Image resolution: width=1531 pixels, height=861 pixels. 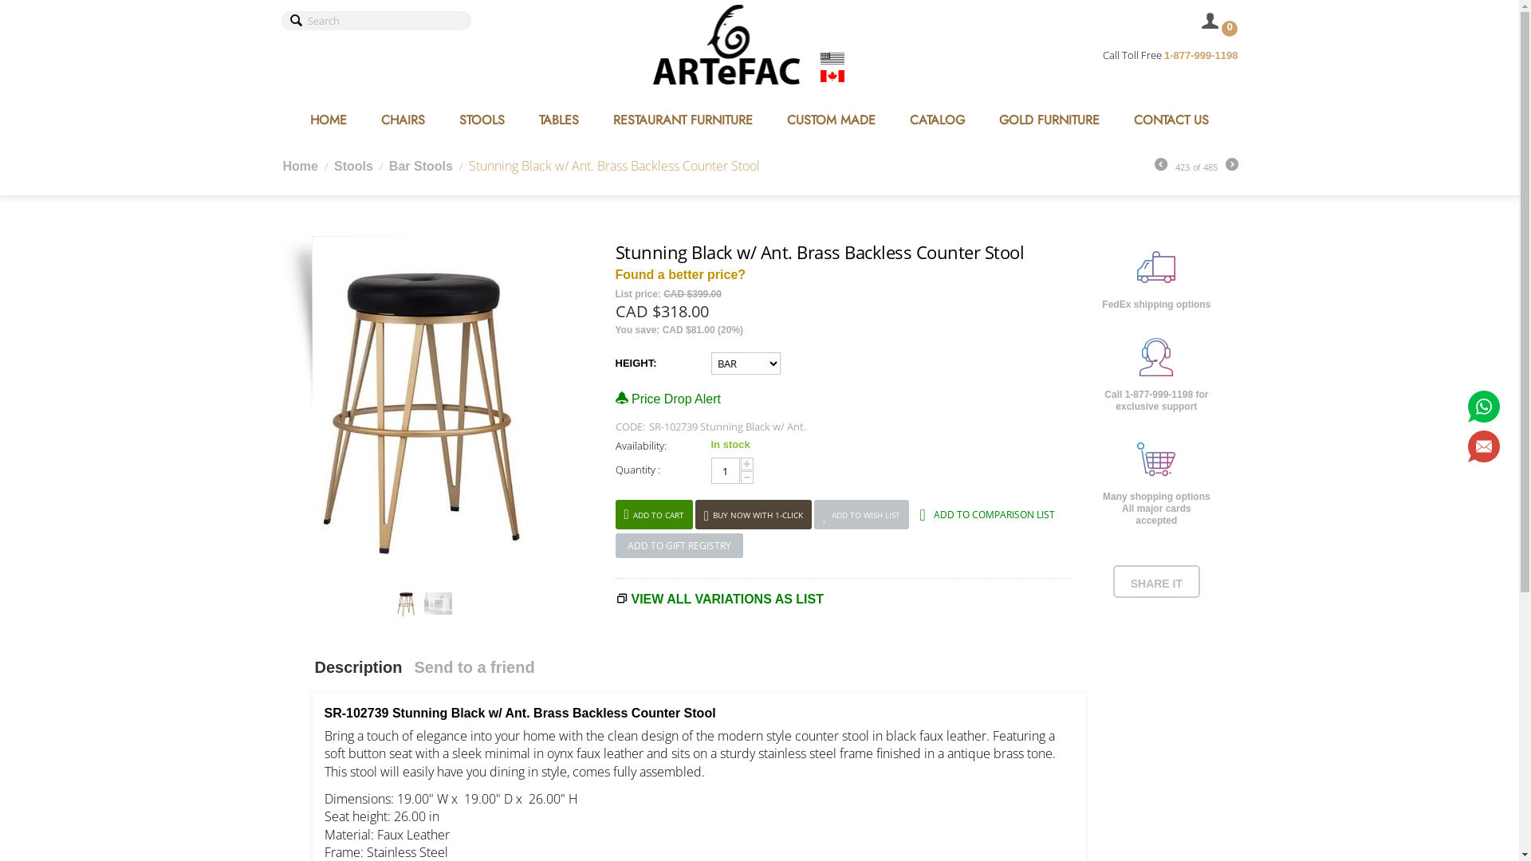 What do you see at coordinates (668, 398) in the screenshot?
I see `'Price Drop Alert'` at bounding box center [668, 398].